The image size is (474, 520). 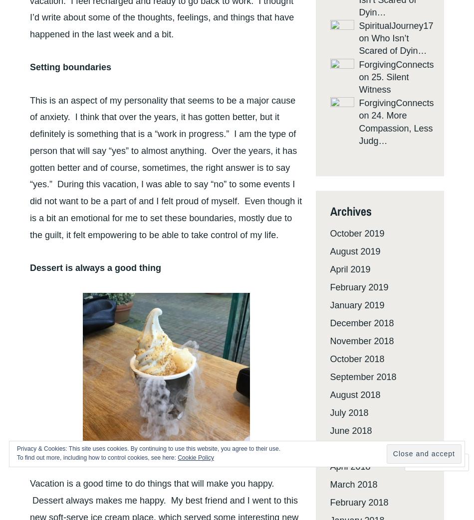 I want to click on 'This is an aspect of my personality that seems to be a major cause of anxiety.  I think that over the years, it has gotten better, but it definitely is something that is a “work in progress.”  I am the type of person that will say “yes” to almost anything.  Over the years, it has gotten better and of course, sometimes, the right answer is to say “yes.”  During this vacation, I was able to say “no” to some events I did not want to be a part of and I felt proud of myself.  Even though it is a bit an emotional for me to set these boundaries, mostly due to the guilt, it felt empowering to be able to take control of my life.', so click(x=165, y=167).